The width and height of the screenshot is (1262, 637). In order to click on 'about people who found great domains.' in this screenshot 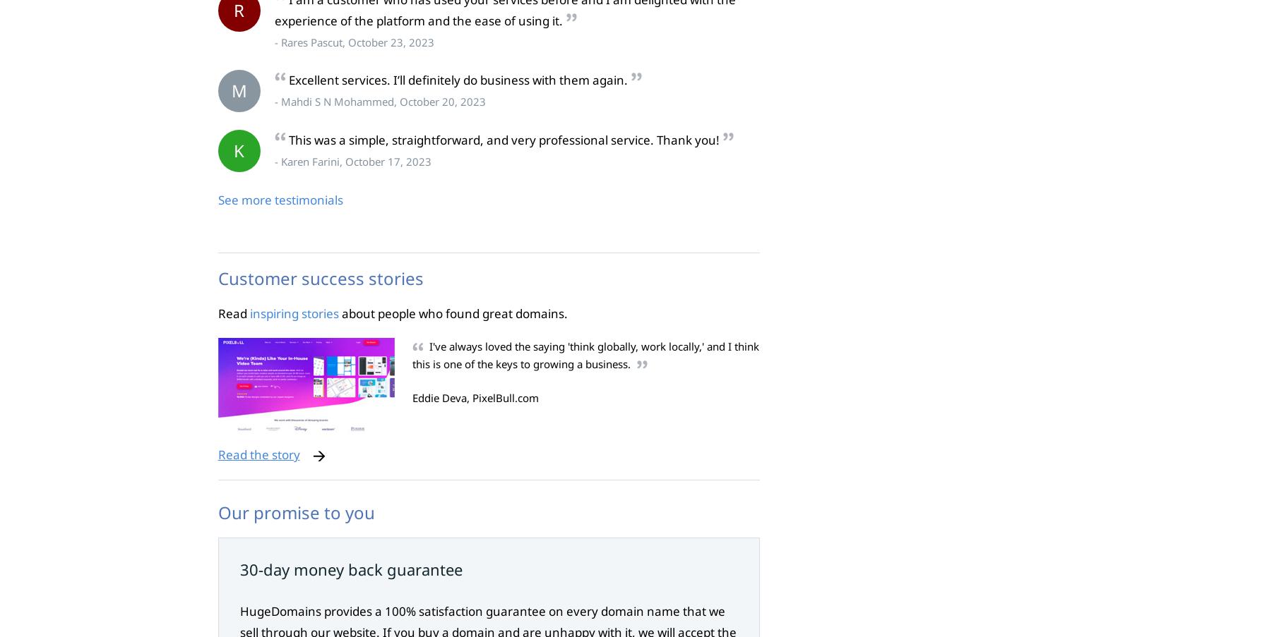, I will do `click(451, 312)`.